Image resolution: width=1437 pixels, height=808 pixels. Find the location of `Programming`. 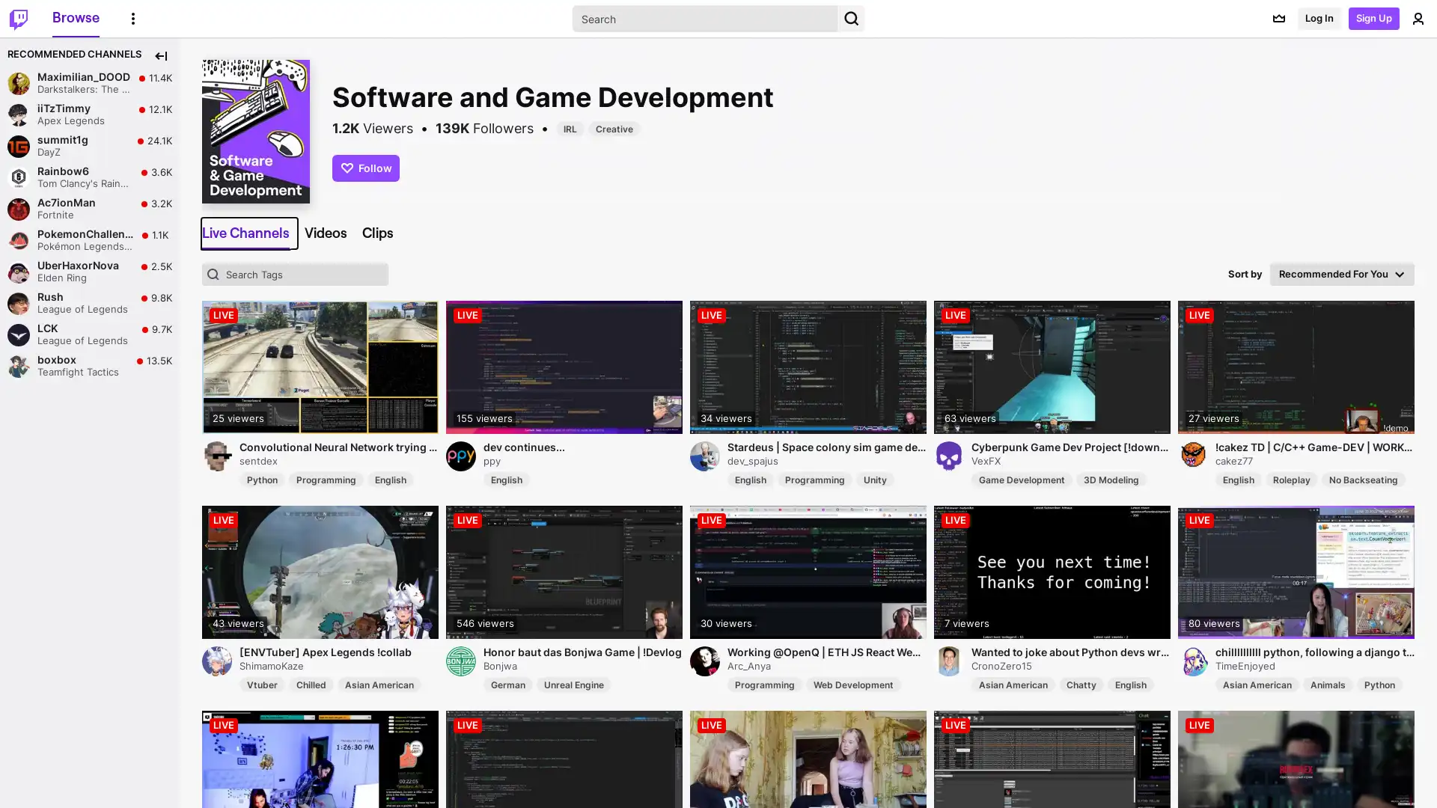

Programming is located at coordinates (326, 479).